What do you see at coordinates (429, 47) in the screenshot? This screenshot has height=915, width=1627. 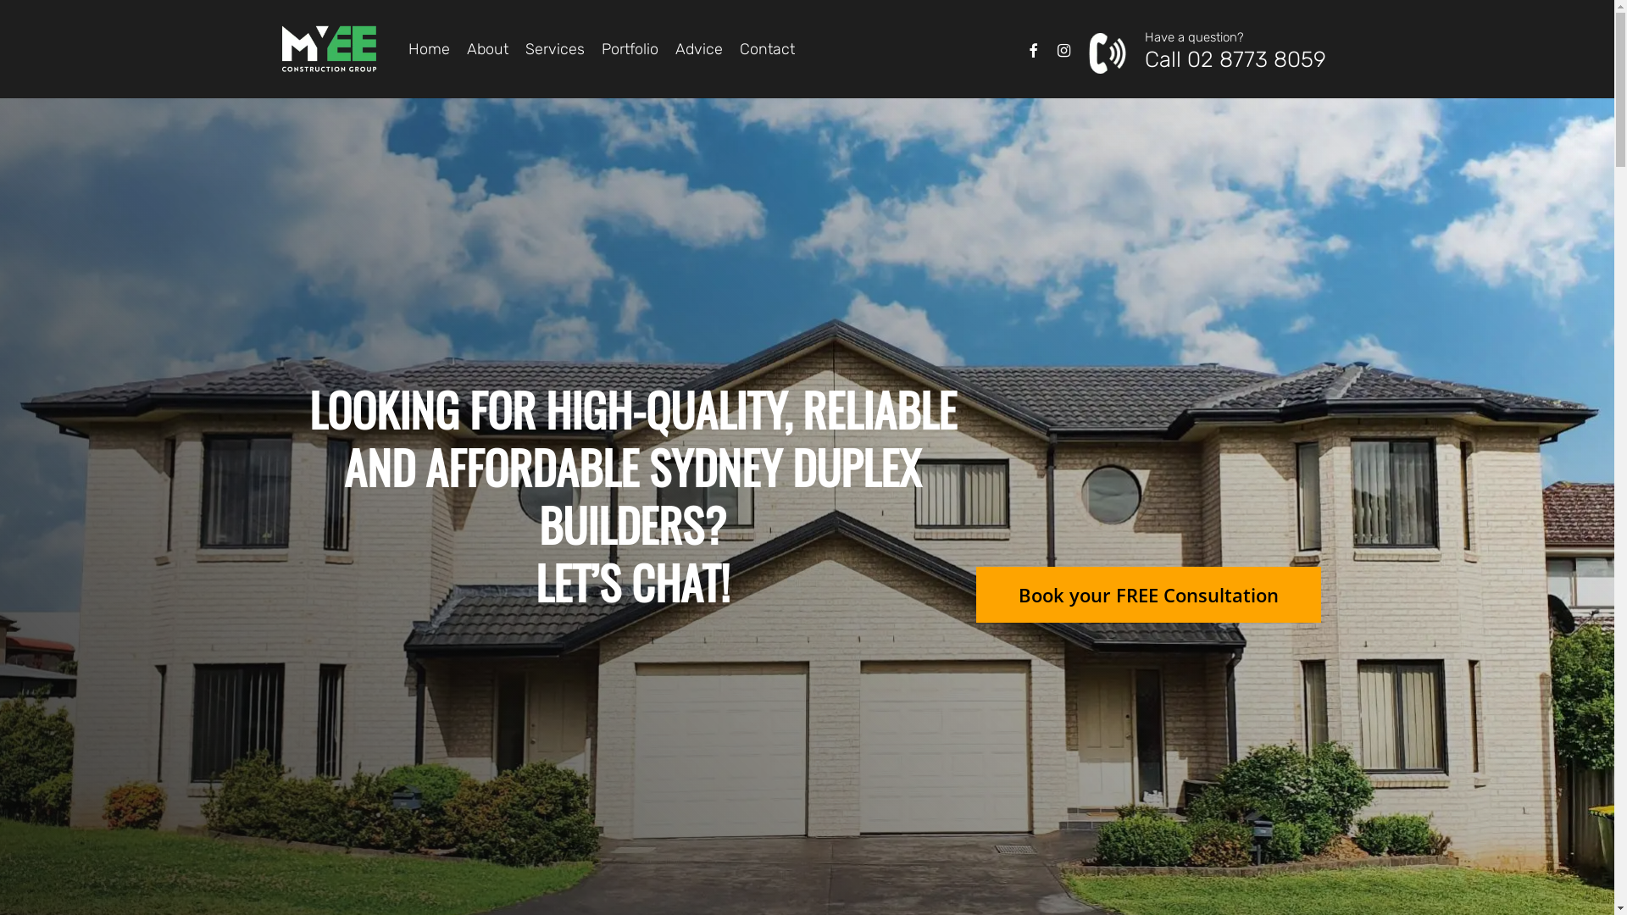 I see `'Home'` at bounding box center [429, 47].